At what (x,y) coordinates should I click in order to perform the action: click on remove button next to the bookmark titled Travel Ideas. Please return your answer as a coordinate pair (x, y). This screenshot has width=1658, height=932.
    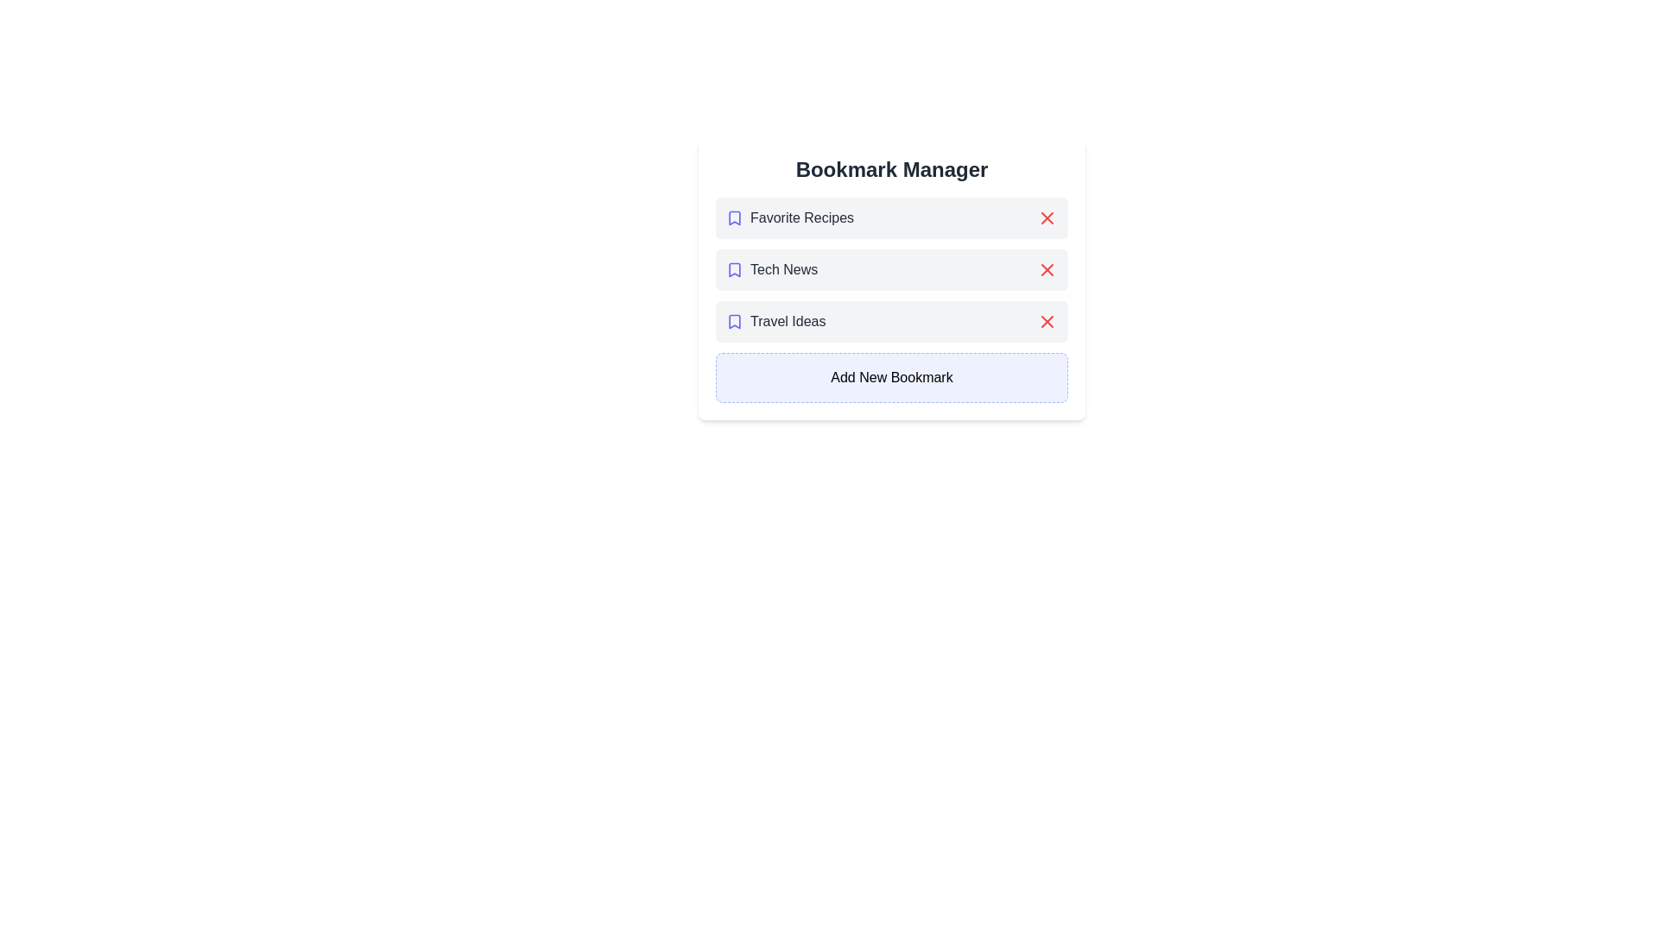
    Looking at the image, I should click on (1047, 322).